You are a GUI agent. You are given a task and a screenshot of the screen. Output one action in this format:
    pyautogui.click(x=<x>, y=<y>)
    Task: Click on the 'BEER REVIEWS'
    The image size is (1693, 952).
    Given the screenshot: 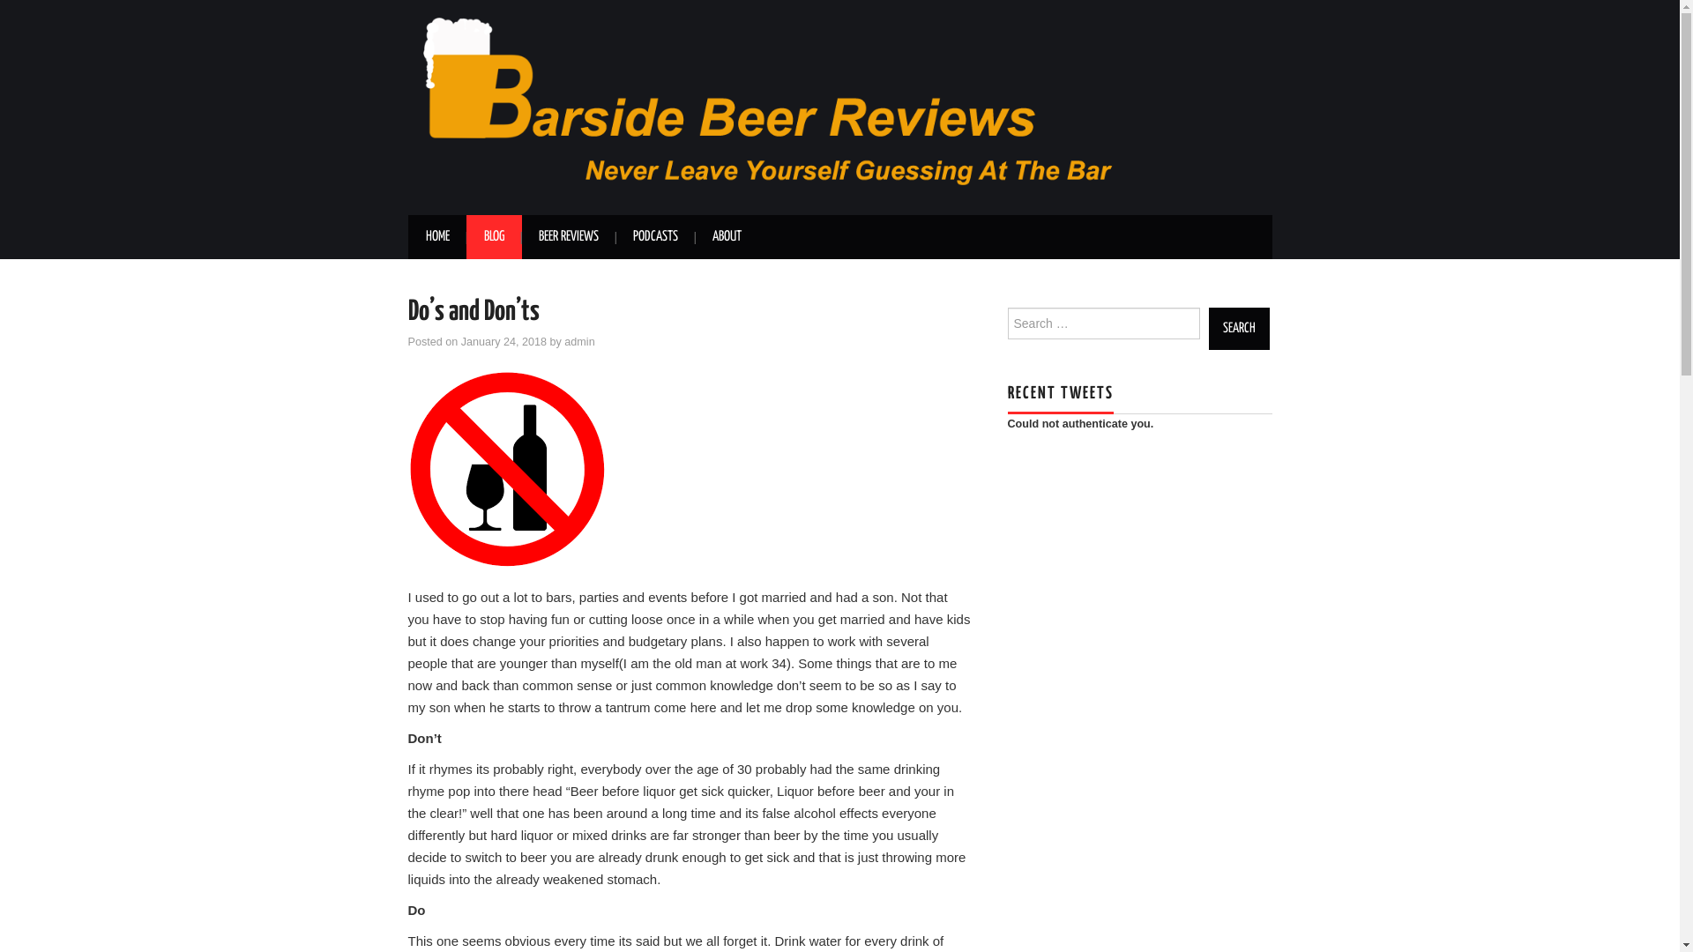 What is the action you would take?
    pyautogui.click(x=567, y=236)
    